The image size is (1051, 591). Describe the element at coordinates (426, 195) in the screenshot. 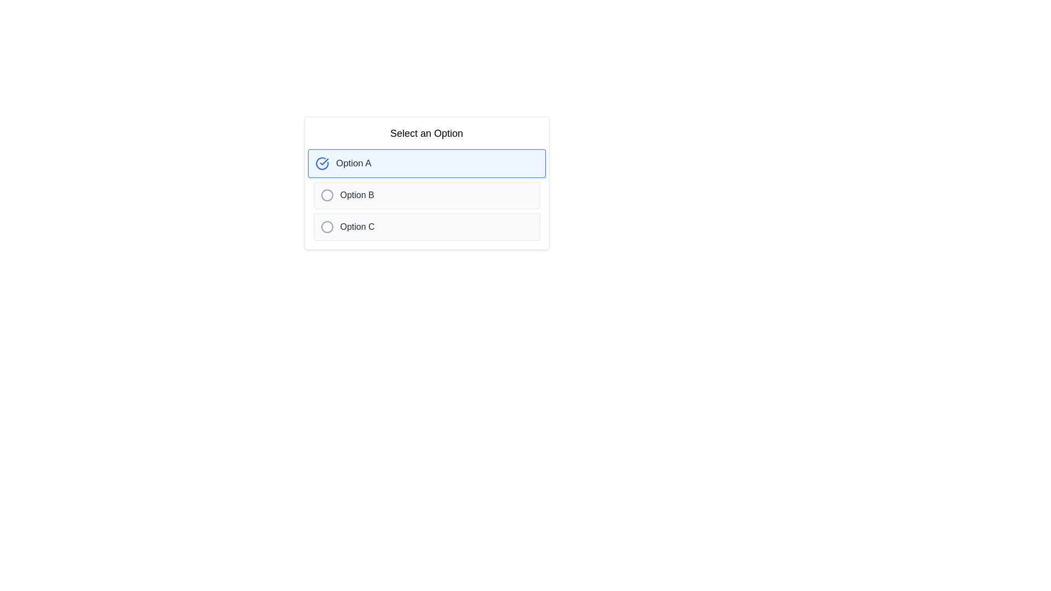

I see `the 'Option B' radio button in the selectable group` at that location.